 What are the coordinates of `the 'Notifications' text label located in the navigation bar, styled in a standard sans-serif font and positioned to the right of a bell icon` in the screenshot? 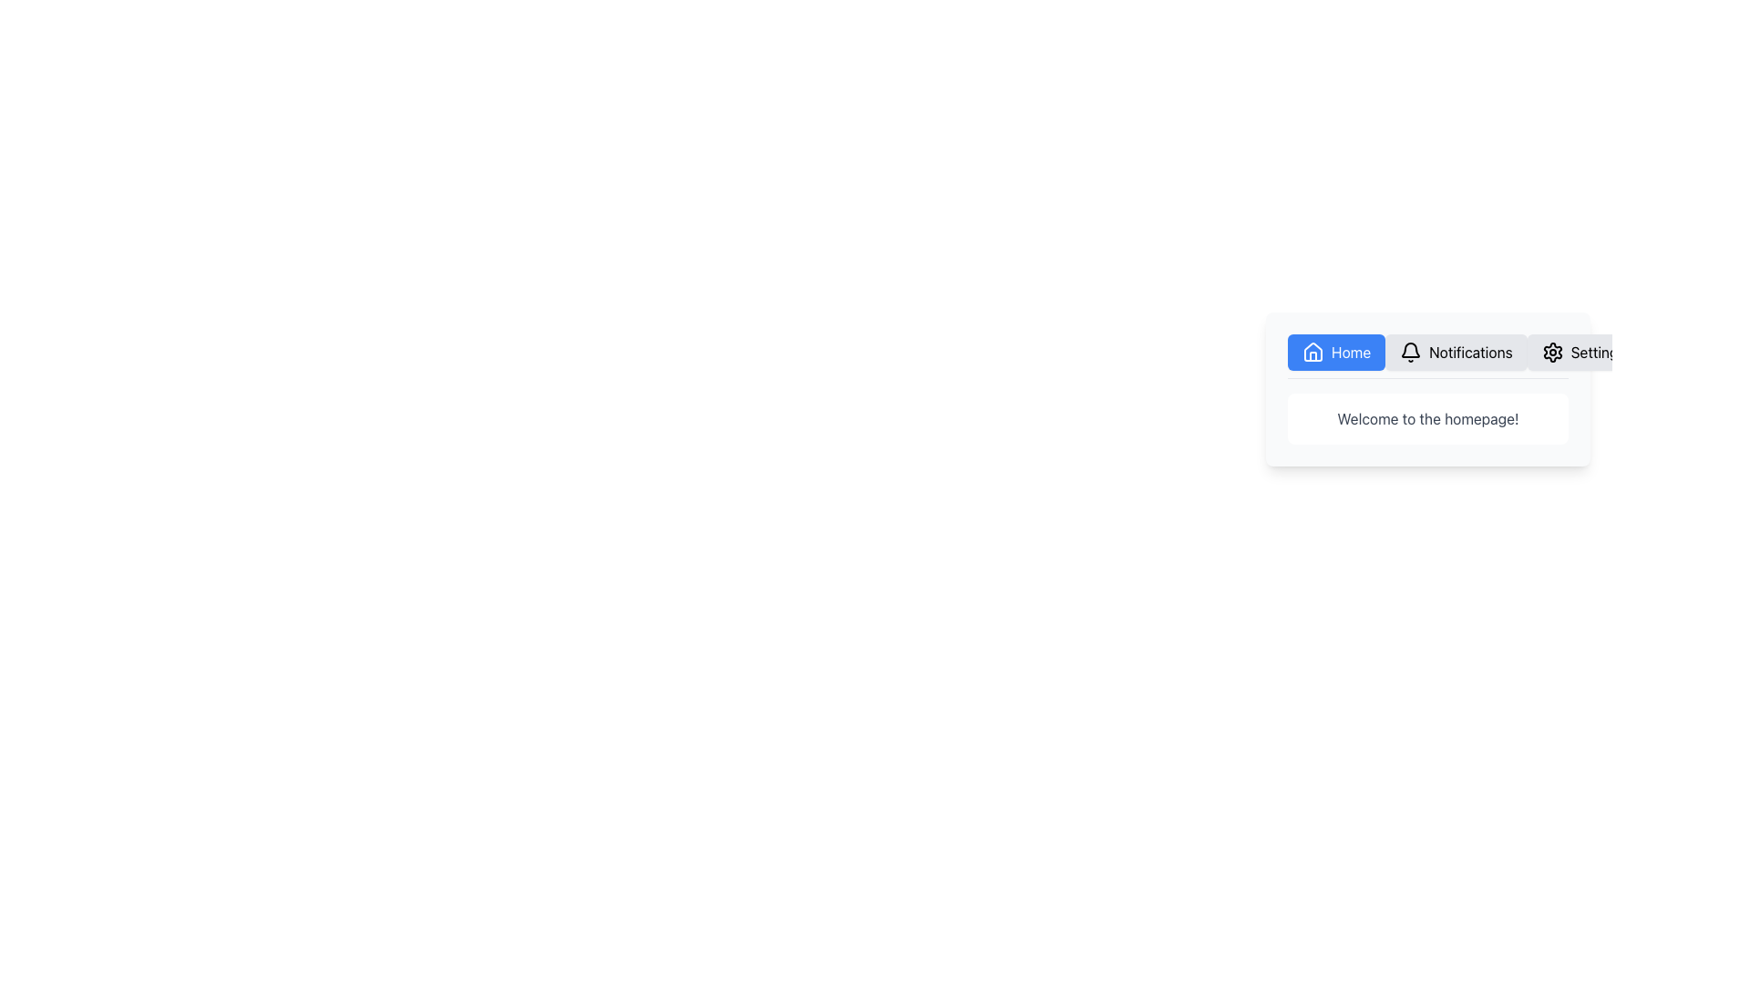 It's located at (1470, 352).